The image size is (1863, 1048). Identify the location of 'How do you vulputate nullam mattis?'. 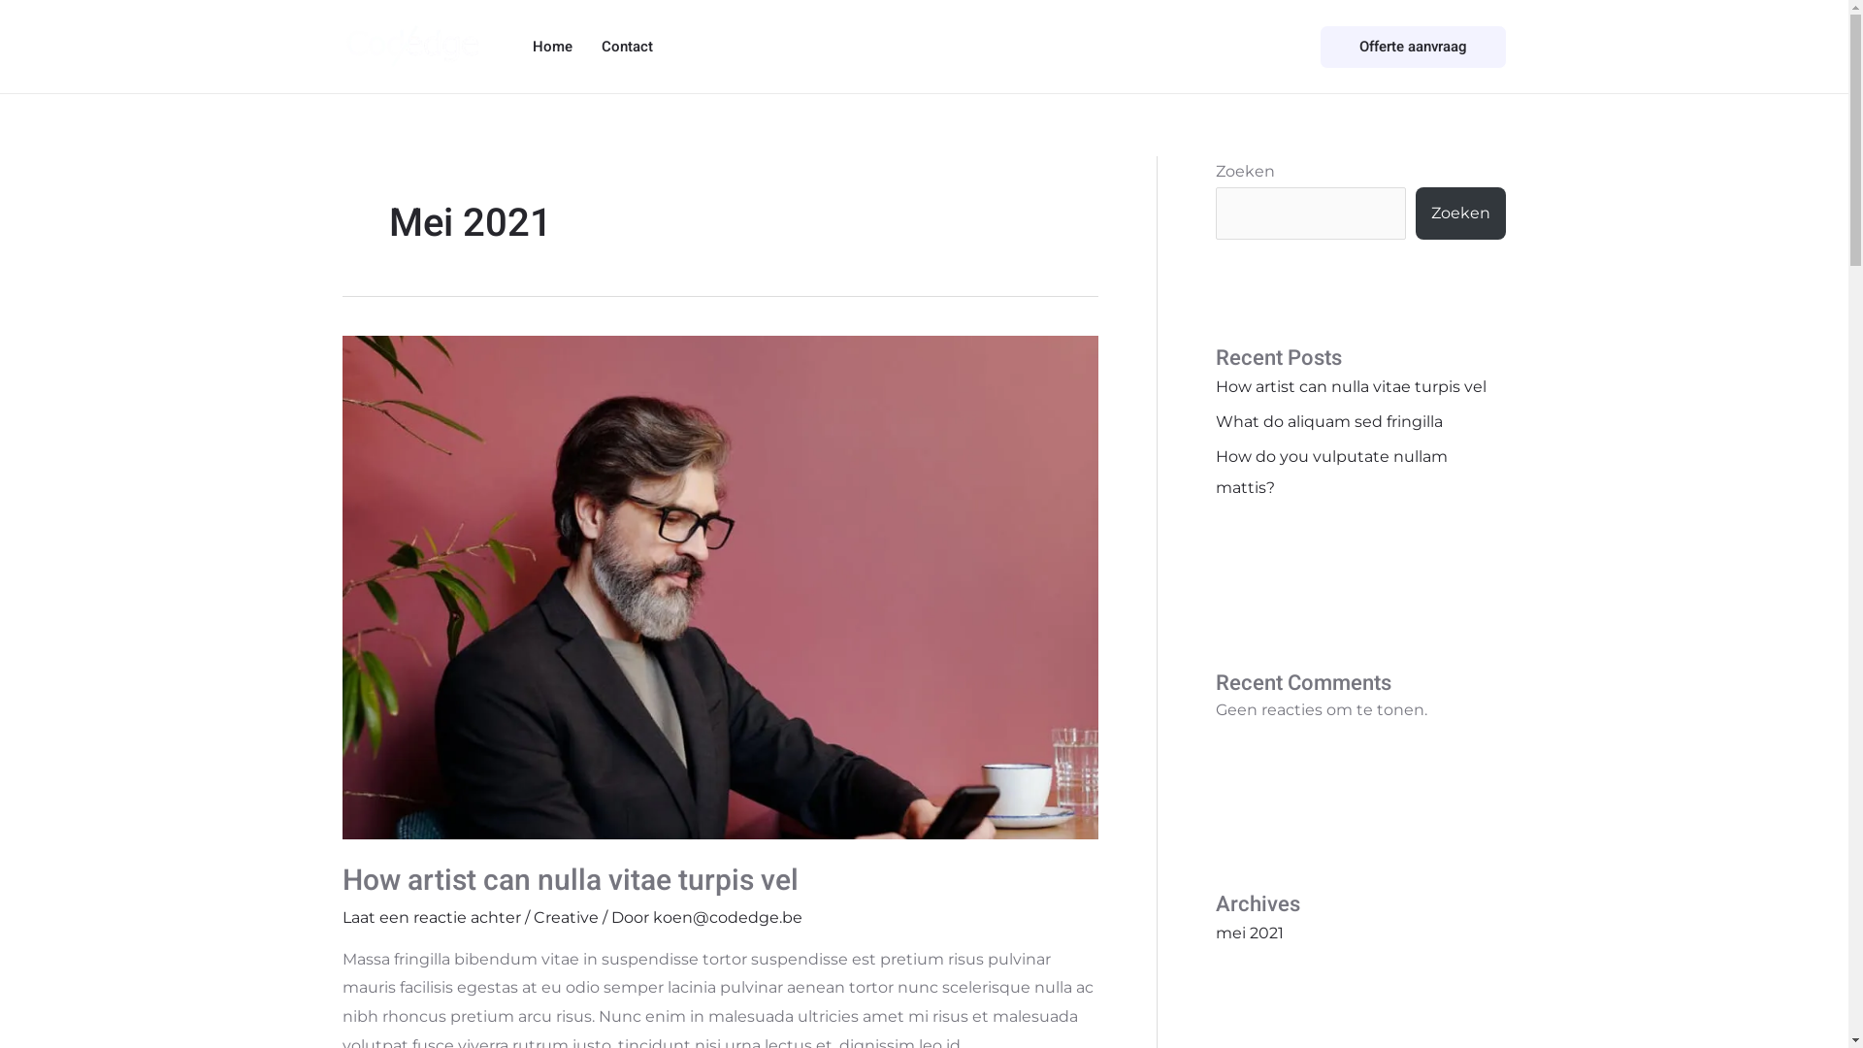
(1329, 472).